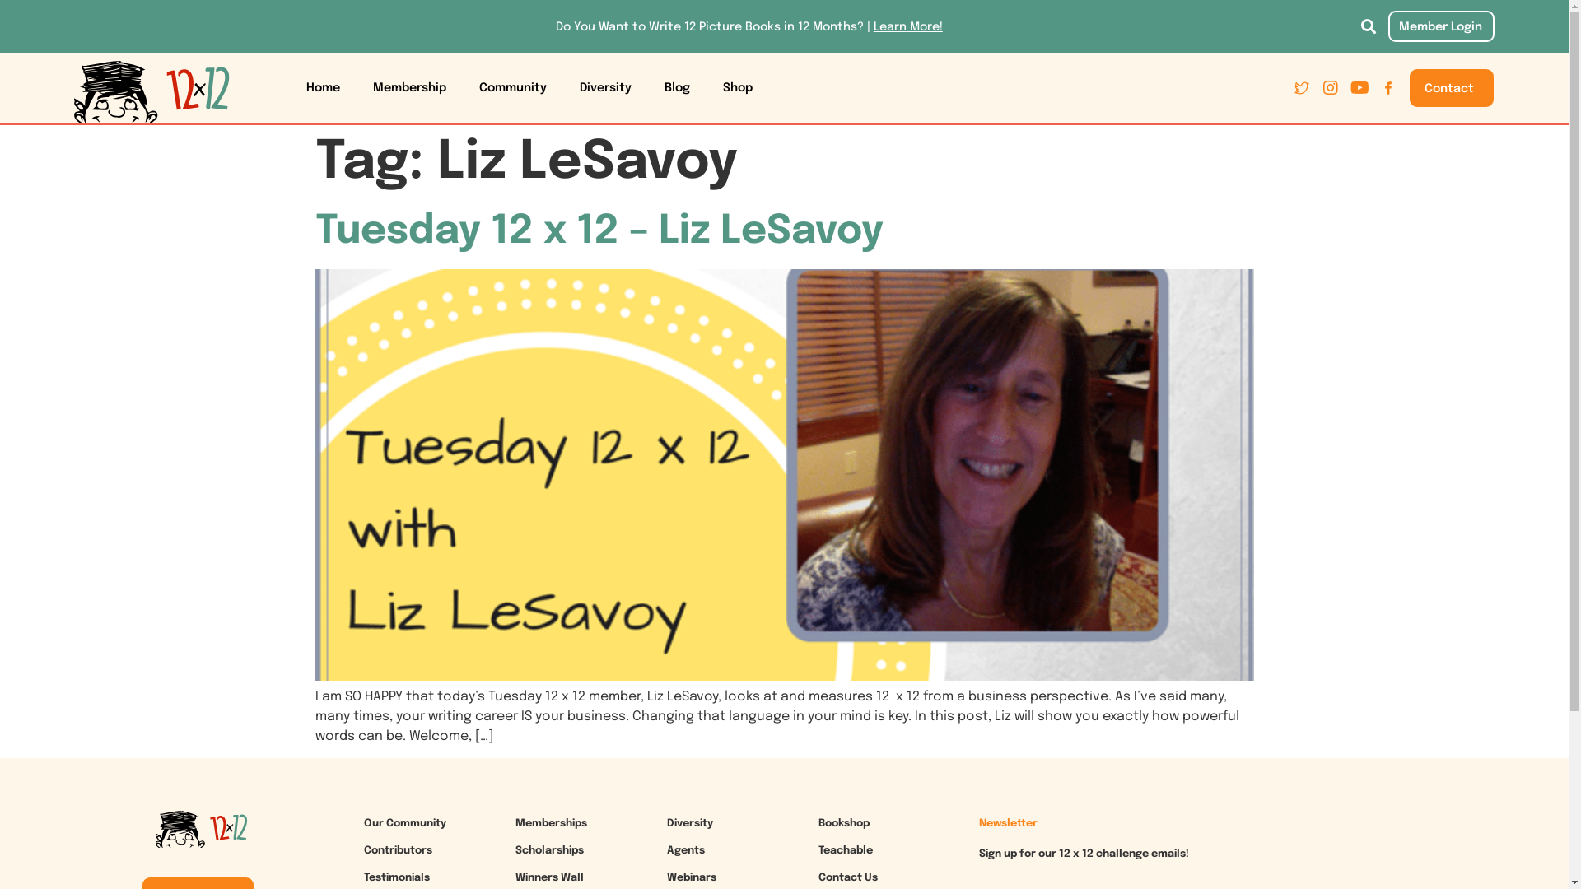  I want to click on 'Contributors', so click(398, 850).